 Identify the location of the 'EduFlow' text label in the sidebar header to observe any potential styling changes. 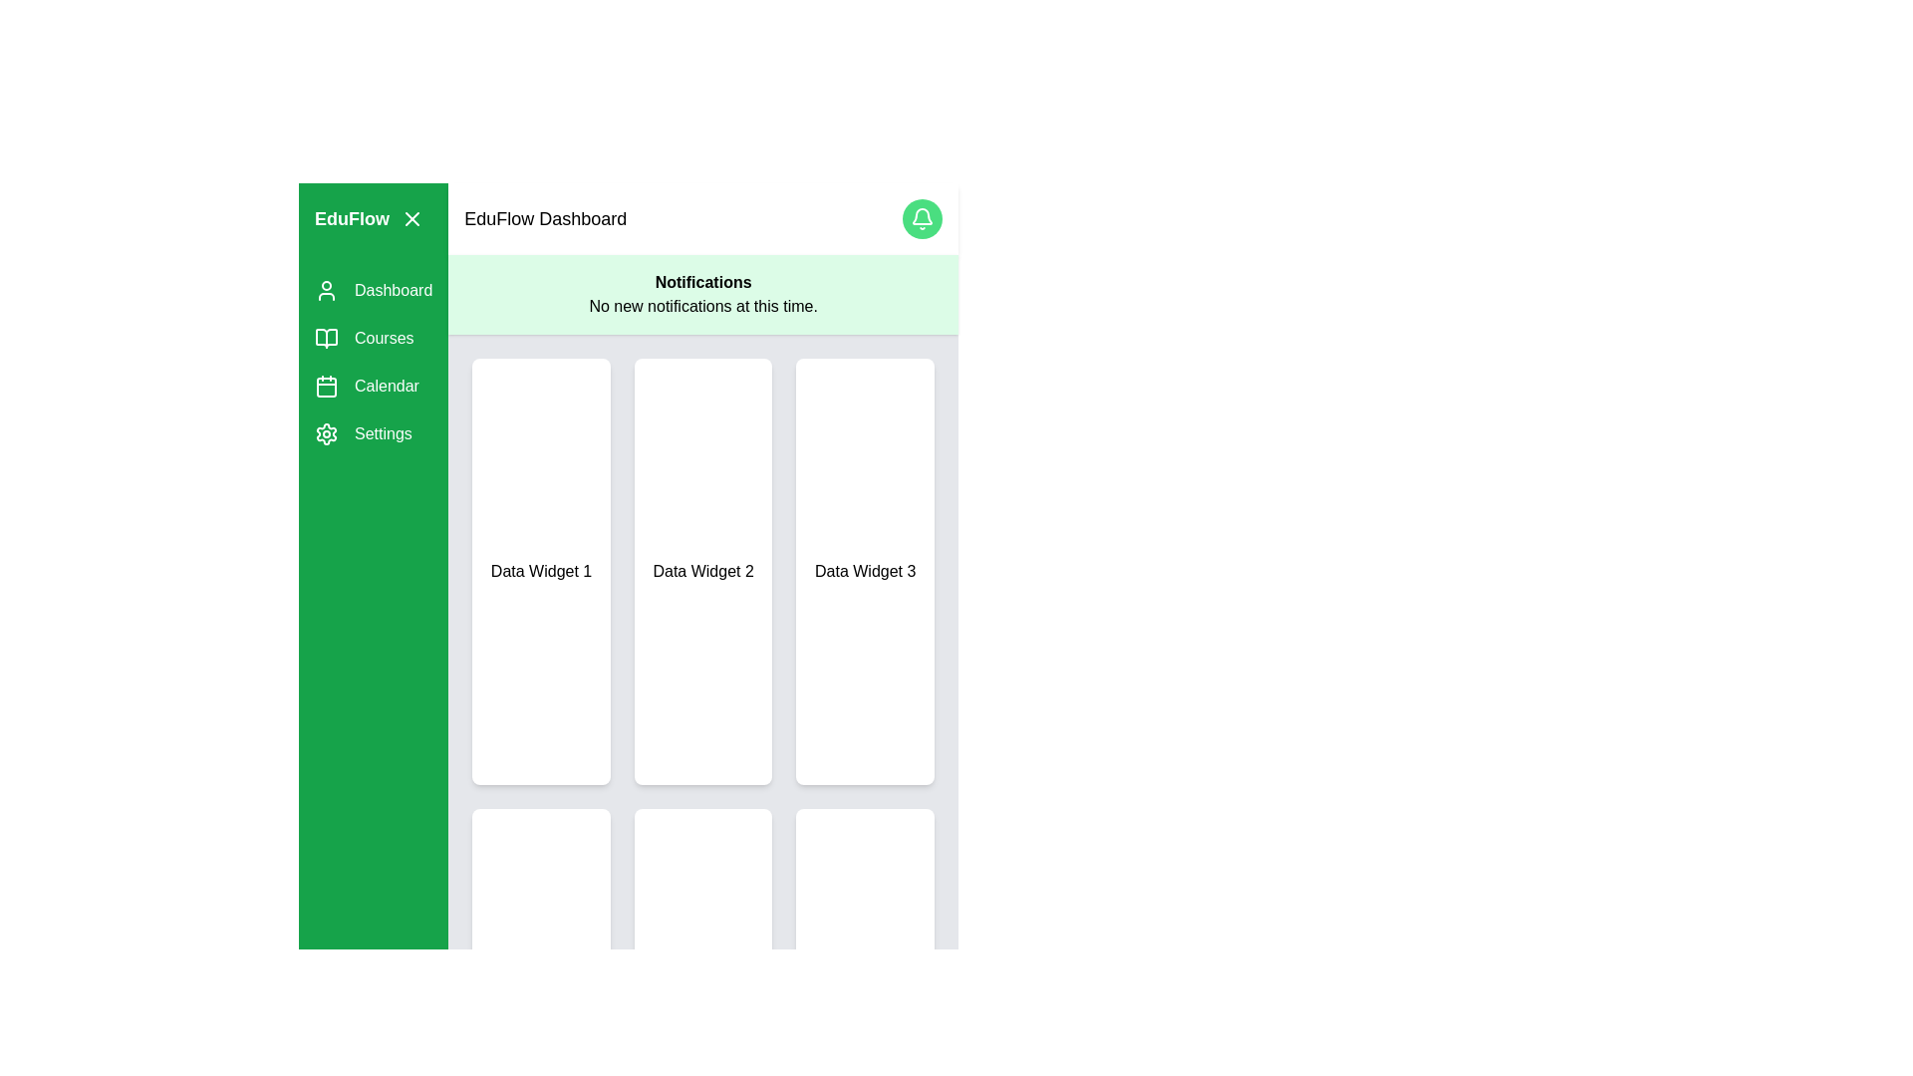
(352, 218).